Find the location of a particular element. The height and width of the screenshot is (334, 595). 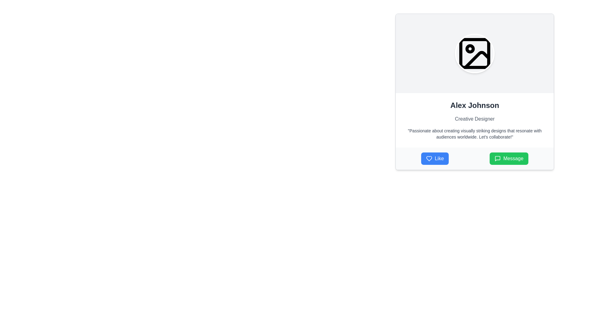

the 'Like' button, which has a blue background, white text, and a heart icon, located in the bottom section of a card-like component is located at coordinates (434, 158).